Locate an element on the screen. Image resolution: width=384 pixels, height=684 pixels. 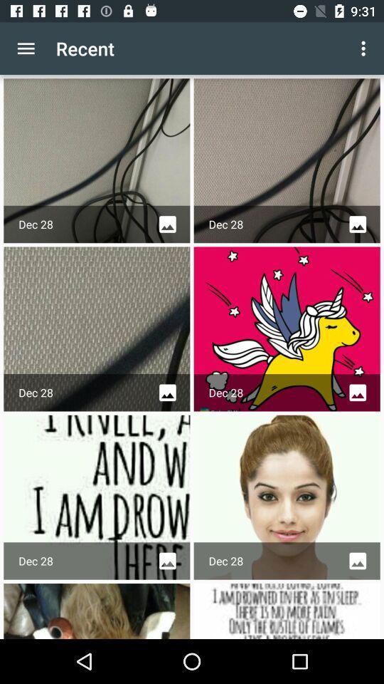
the image button is located at coordinates (357, 224).